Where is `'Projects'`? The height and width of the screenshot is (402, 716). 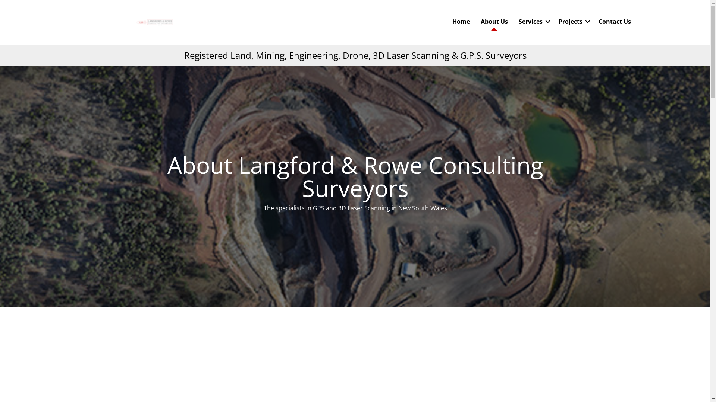
'Projects' is located at coordinates (572, 21).